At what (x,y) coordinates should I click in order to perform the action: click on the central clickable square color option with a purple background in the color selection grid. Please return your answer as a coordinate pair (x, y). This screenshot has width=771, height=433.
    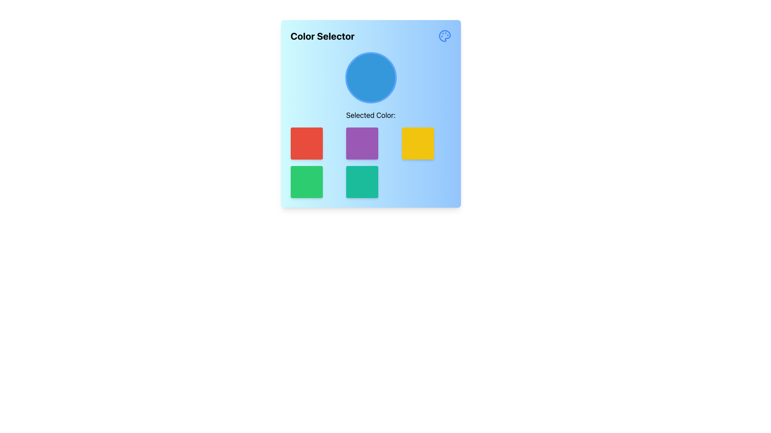
    Looking at the image, I should click on (362, 143).